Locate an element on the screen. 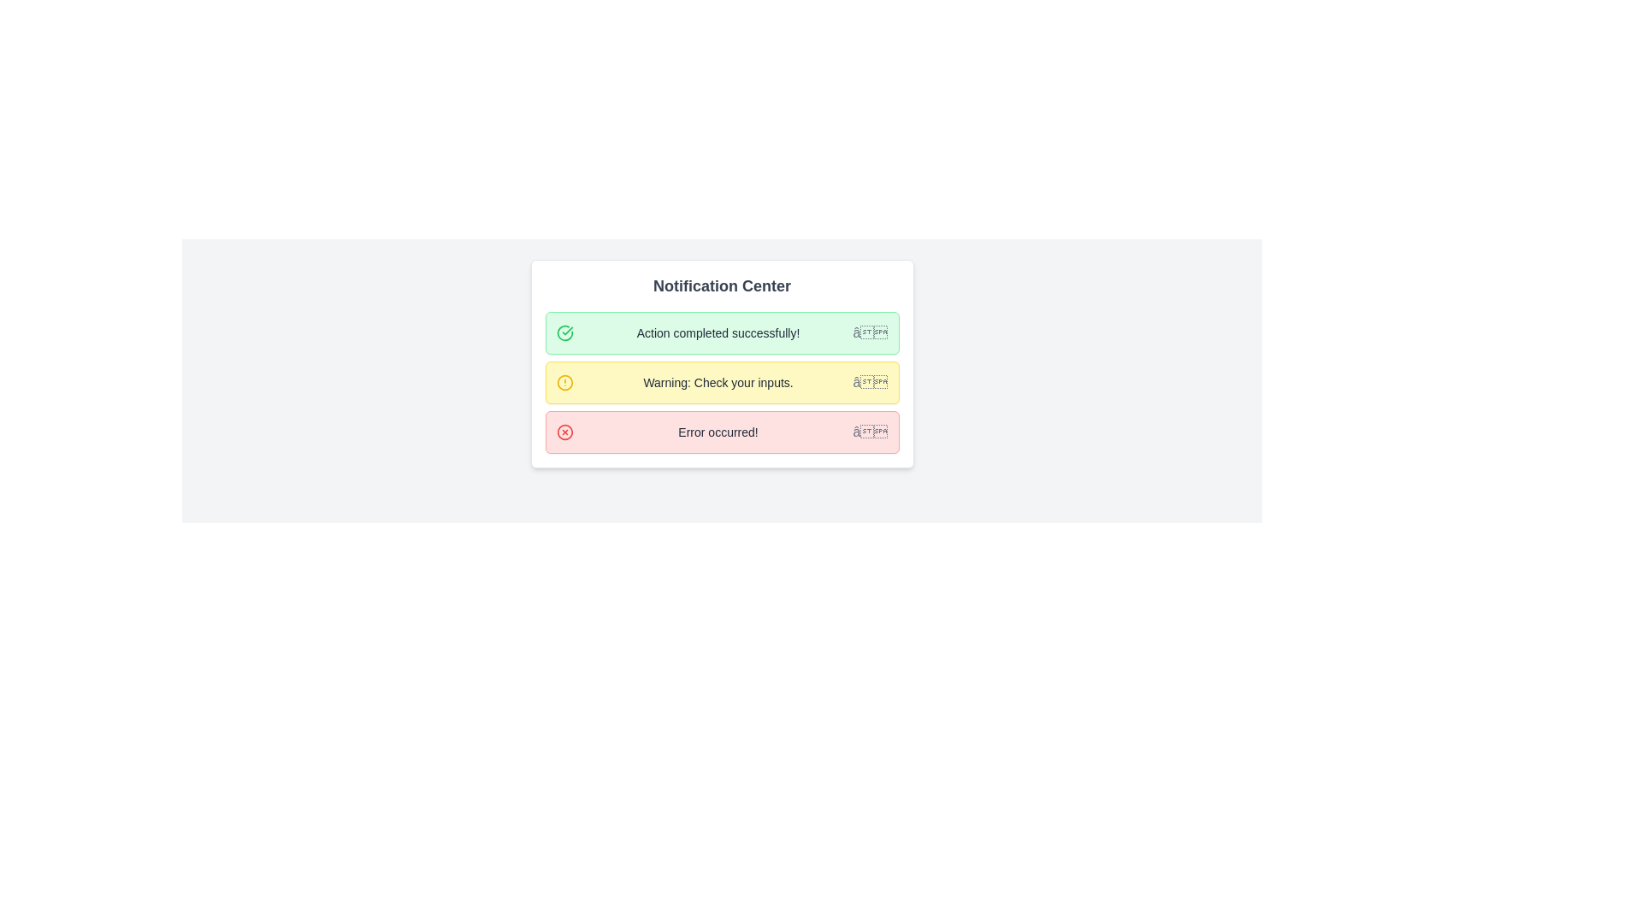 The image size is (1642, 923). text from the notification label indicating successful action completion, which is located inside the first notification item in the 'Notification Center', next to an icon and a close button is located at coordinates (718, 332).